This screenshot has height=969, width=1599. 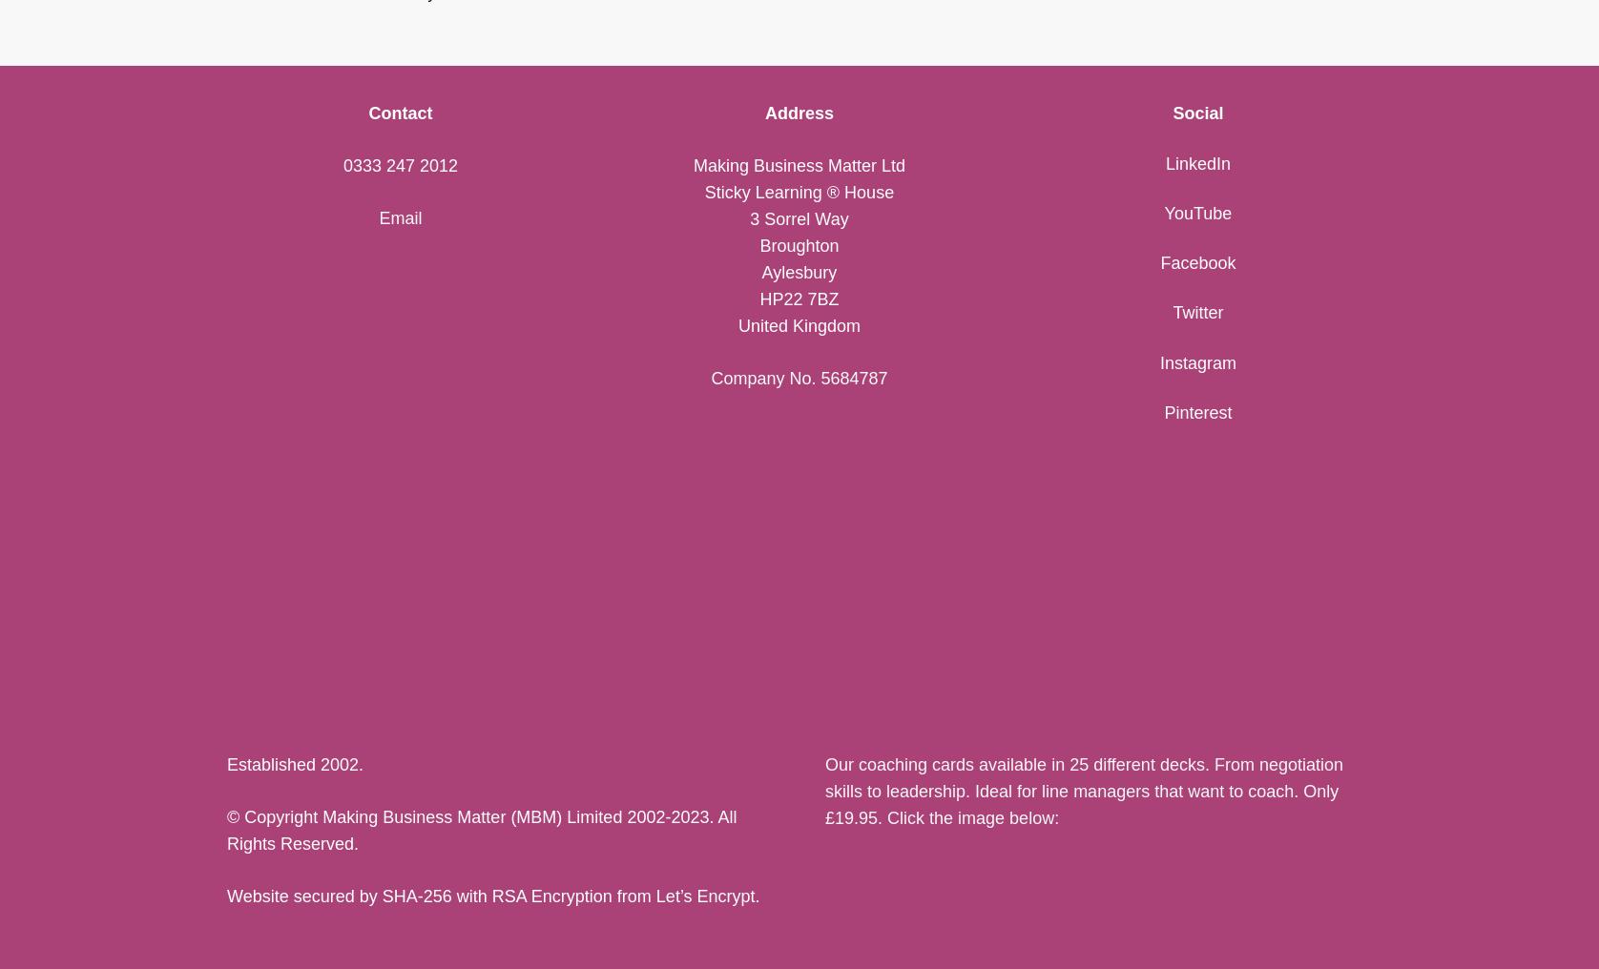 What do you see at coordinates (481, 831) in the screenshot?
I see `'© Copyright Making Business Matter (MBM) Limited 2002-2023. All Rights Reserved.'` at bounding box center [481, 831].